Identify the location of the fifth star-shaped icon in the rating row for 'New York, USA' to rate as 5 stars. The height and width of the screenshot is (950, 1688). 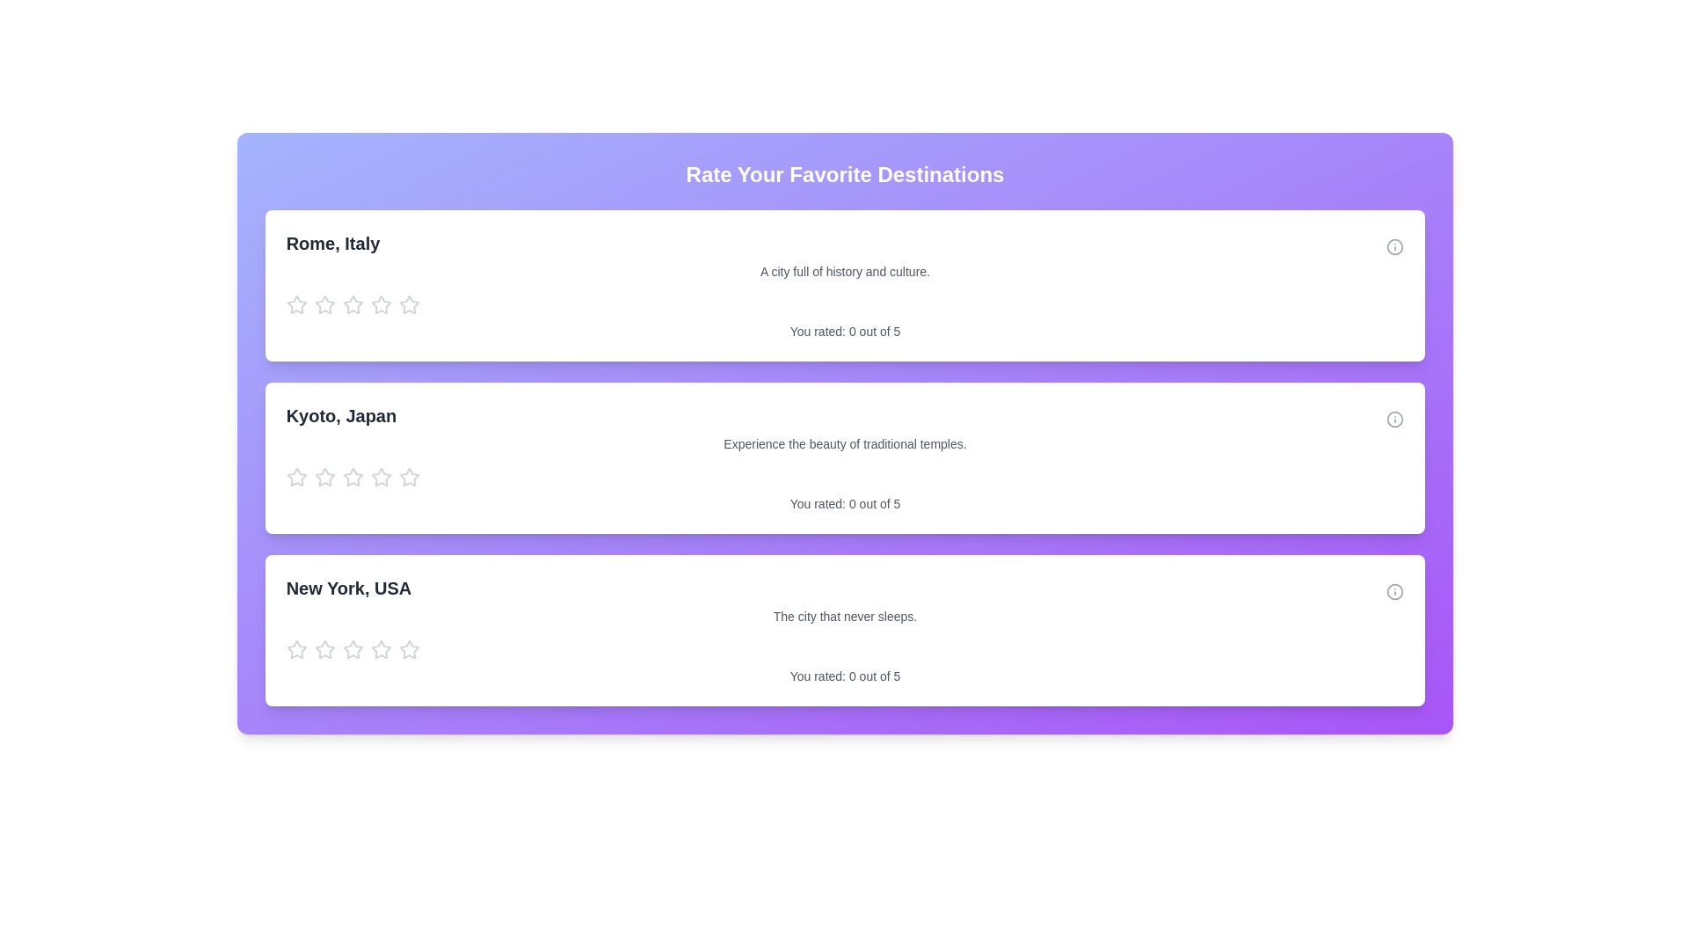
(380, 650).